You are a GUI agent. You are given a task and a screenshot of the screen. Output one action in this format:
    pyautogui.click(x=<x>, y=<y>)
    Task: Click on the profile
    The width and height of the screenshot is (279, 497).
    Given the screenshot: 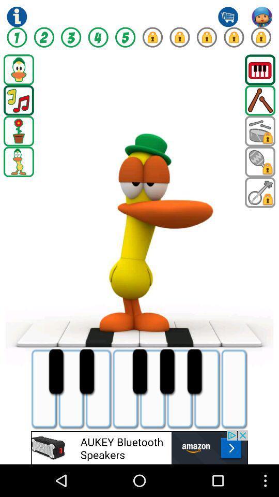 What is the action you would take?
    pyautogui.click(x=262, y=16)
    